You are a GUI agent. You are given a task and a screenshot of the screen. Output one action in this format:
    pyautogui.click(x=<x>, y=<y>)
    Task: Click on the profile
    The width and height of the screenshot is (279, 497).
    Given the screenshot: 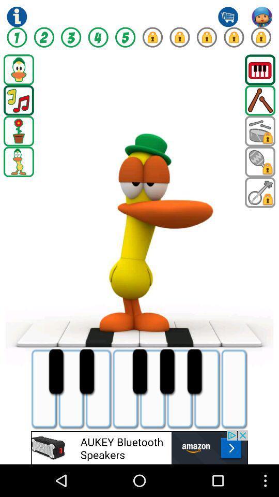 What is the action you would take?
    pyautogui.click(x=262, y=16)
    